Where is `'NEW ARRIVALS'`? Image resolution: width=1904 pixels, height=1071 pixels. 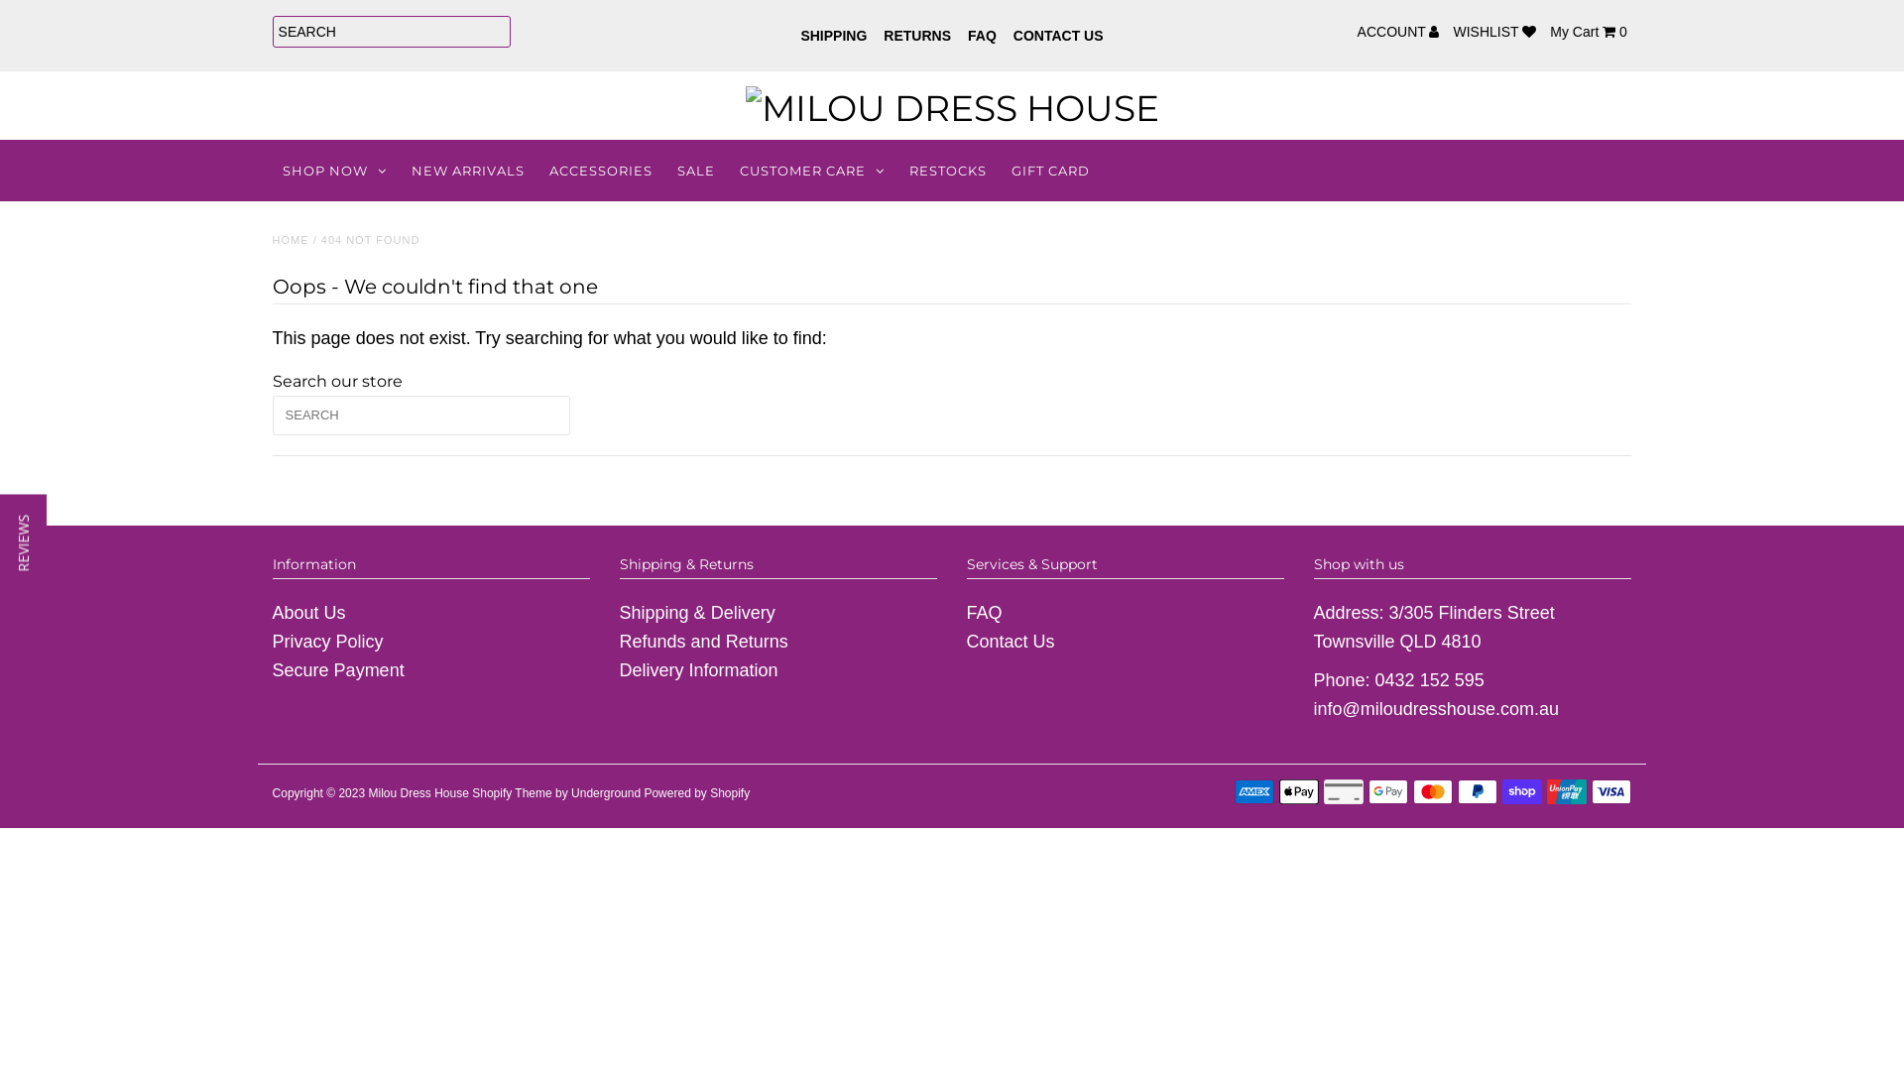 'NEW ARRIVALS' is located at coordinates (466, 170).